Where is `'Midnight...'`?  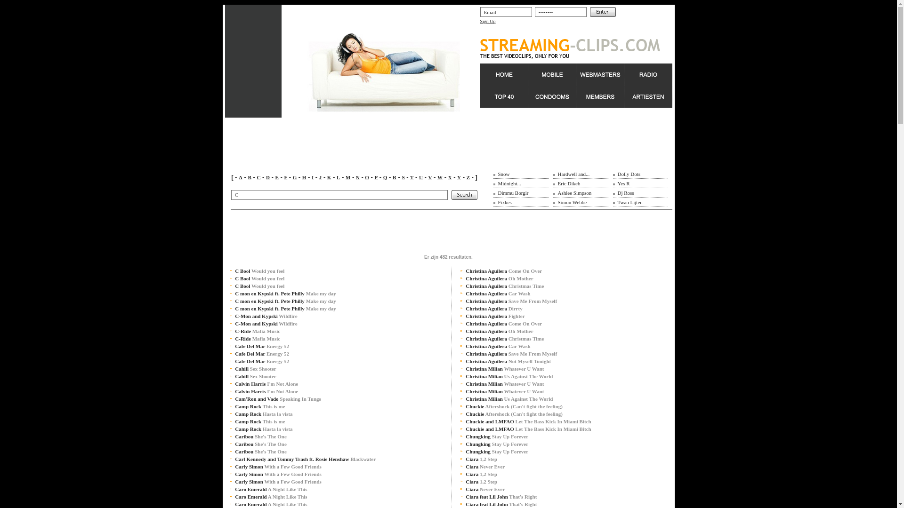
'Midnight...' is located at coordinates (497, 183).